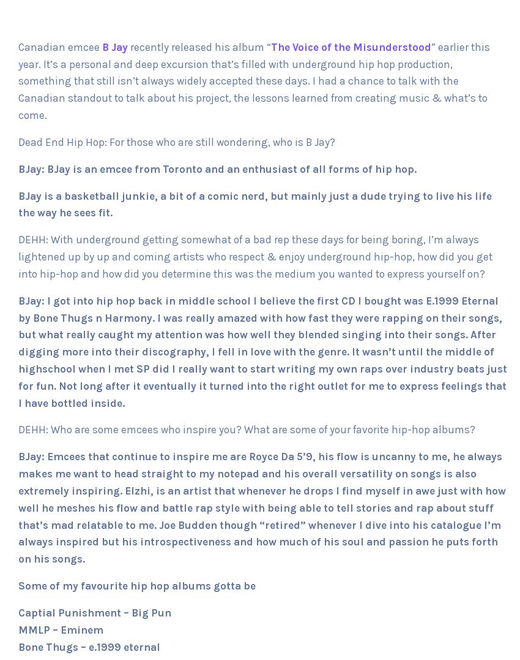  What do you see at coordinates (89, 647) in the screenshot?
I see `'Bone Thugs – e.1999 eternal'` at bounding box center [89, 647].